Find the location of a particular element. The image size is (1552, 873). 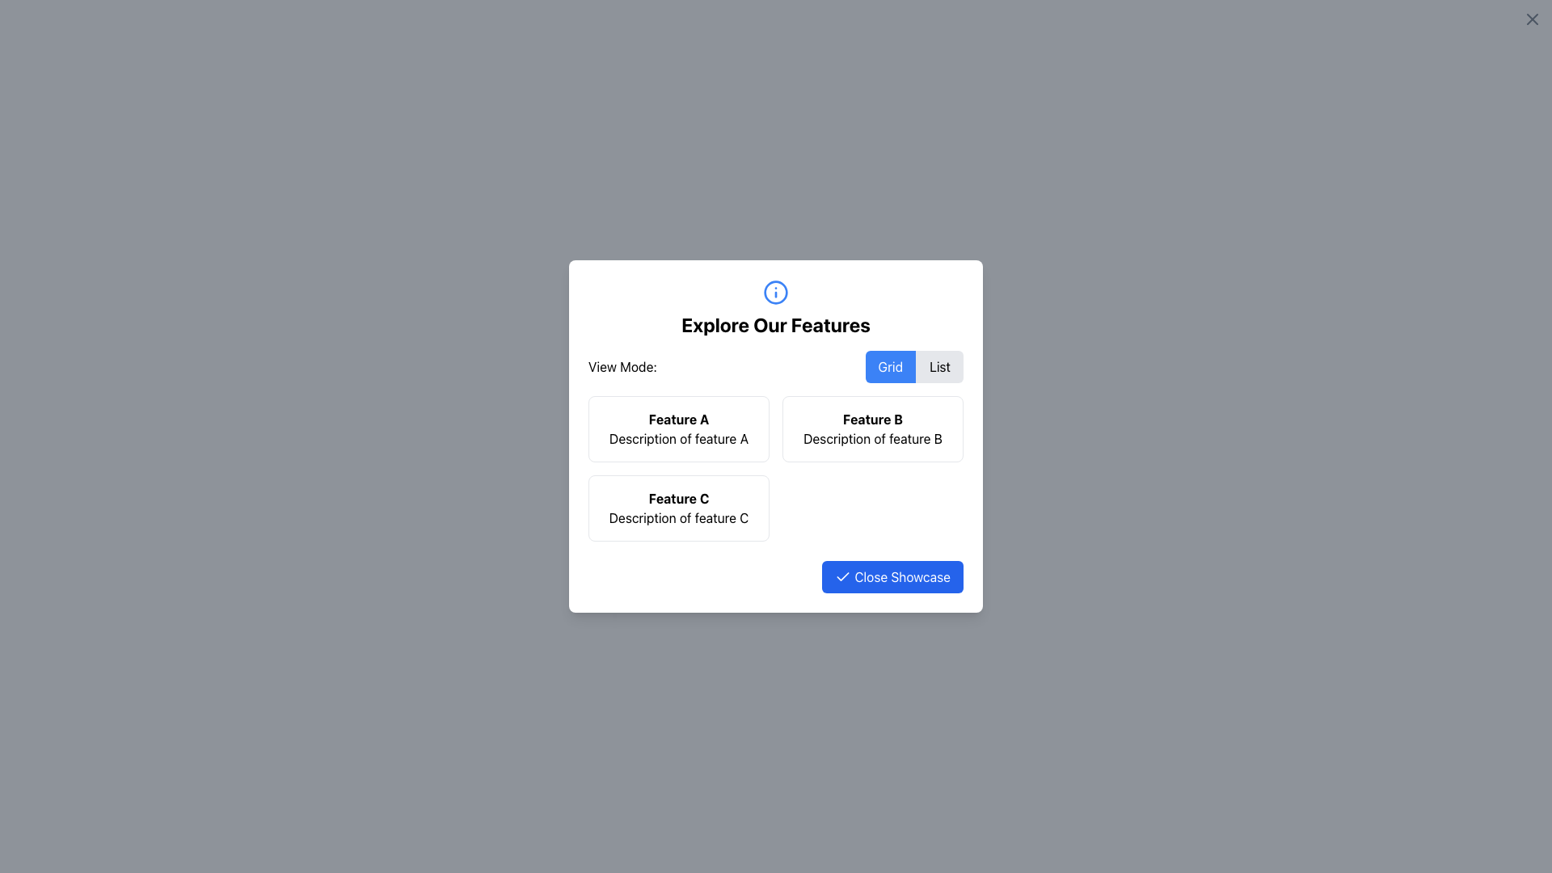

the bold-styled text label displaying 'Feature C', which is located at the top of a rectangular card in the bottom left of the interface is located at coordinates (679, 498).